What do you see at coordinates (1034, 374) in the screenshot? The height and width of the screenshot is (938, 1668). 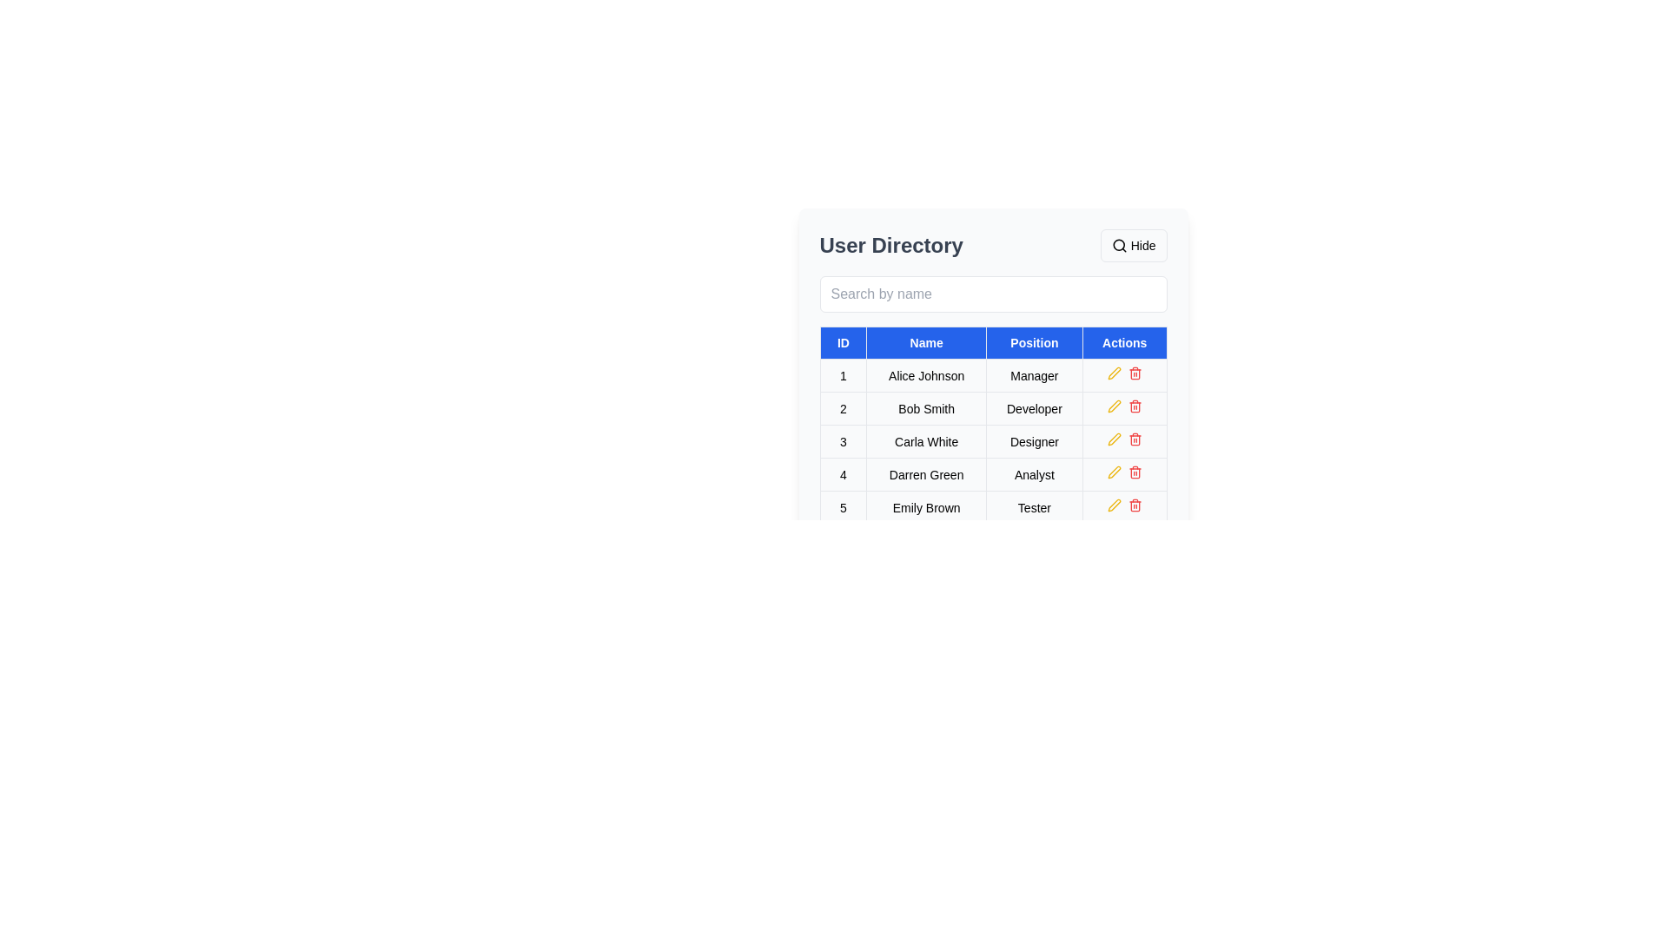 I see `the 'Manager' label in the third column of the first row under the 'Position' column in the table for 'Alice Johnson'` at bounding box center [1034, 374].